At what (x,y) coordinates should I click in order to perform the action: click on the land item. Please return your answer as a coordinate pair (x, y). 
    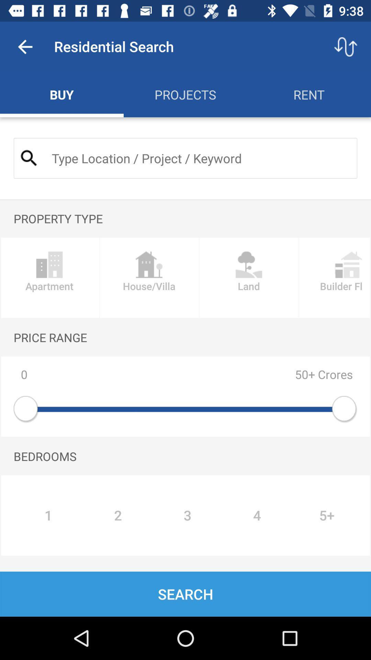
    Looking at the image, I should click on (249, 278).